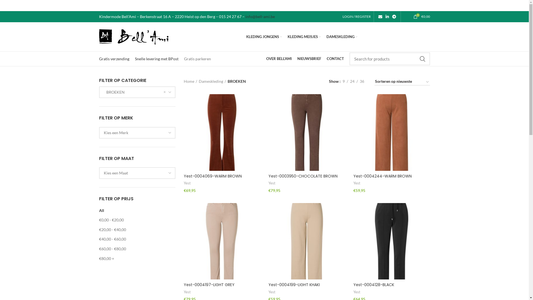 Image resolution: width=533 pixels, height=300 pixels. Describe the element at coordinates (343, 81) in the screenshot. I see `'9'` at that location.